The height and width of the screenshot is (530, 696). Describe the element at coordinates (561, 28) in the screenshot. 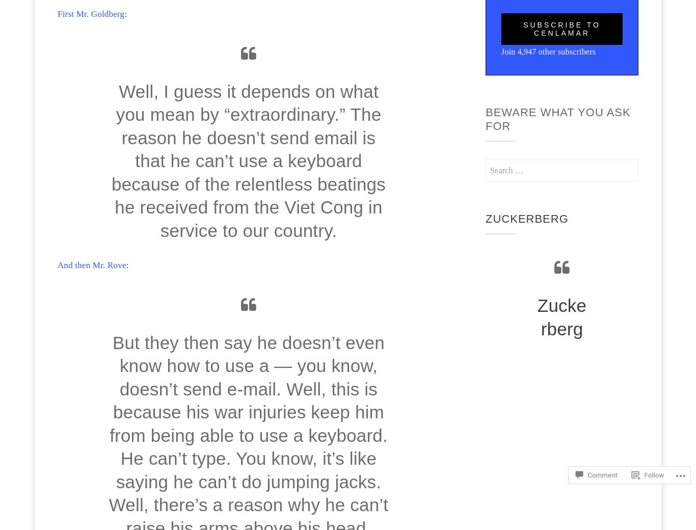

I see `'Subscribe to CenLamar'` at that location.